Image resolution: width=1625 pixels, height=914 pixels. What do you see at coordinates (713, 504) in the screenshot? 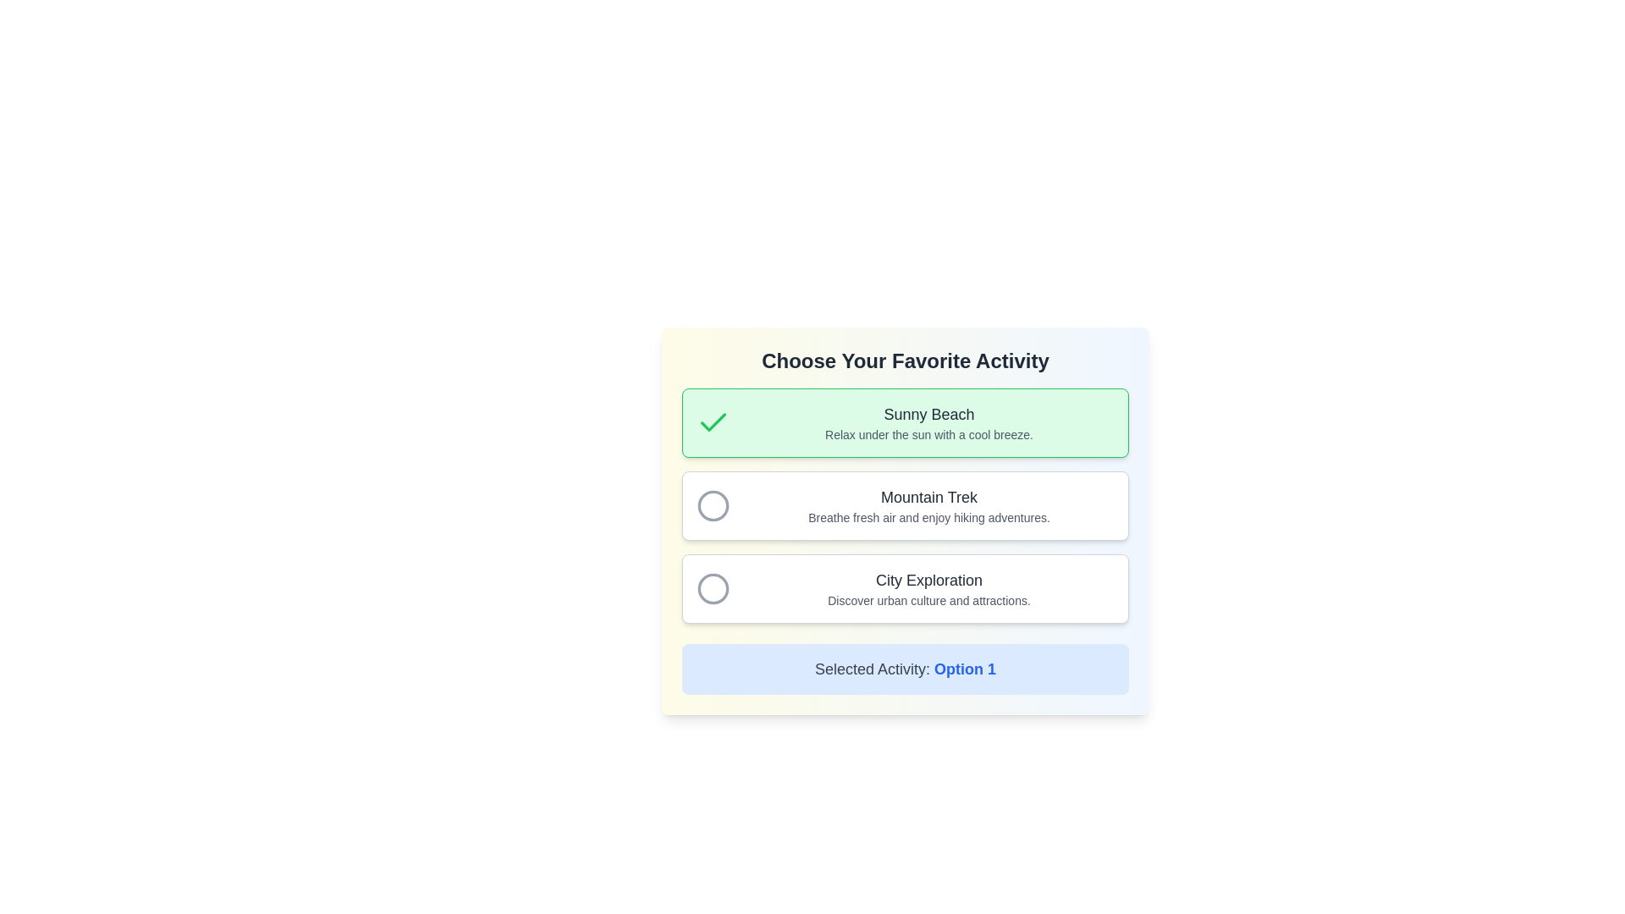
I see `the gray circular radio button located to the left of the 'Mountain Trek' option, which is aligned horizontally with the text and vertically positioned between 'Sunny Beach' and 'City Exploration'` at bounding box center [713, 504].